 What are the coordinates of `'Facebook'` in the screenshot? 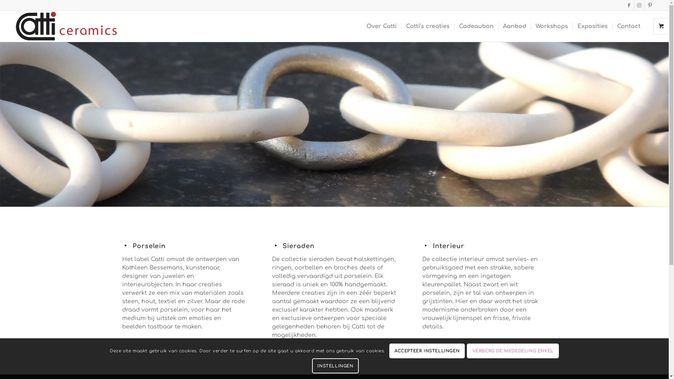 It's located at (629, 5).